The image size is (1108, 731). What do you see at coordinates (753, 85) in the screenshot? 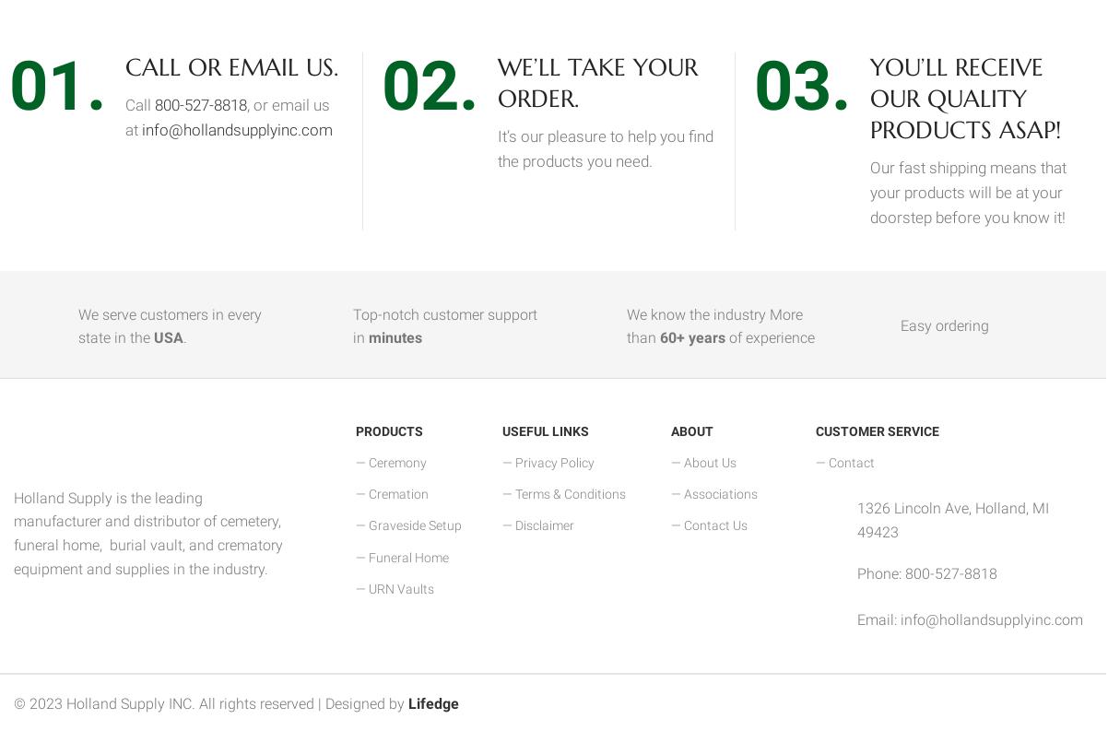
I see `'03.'` at bounding box center [753, 85].